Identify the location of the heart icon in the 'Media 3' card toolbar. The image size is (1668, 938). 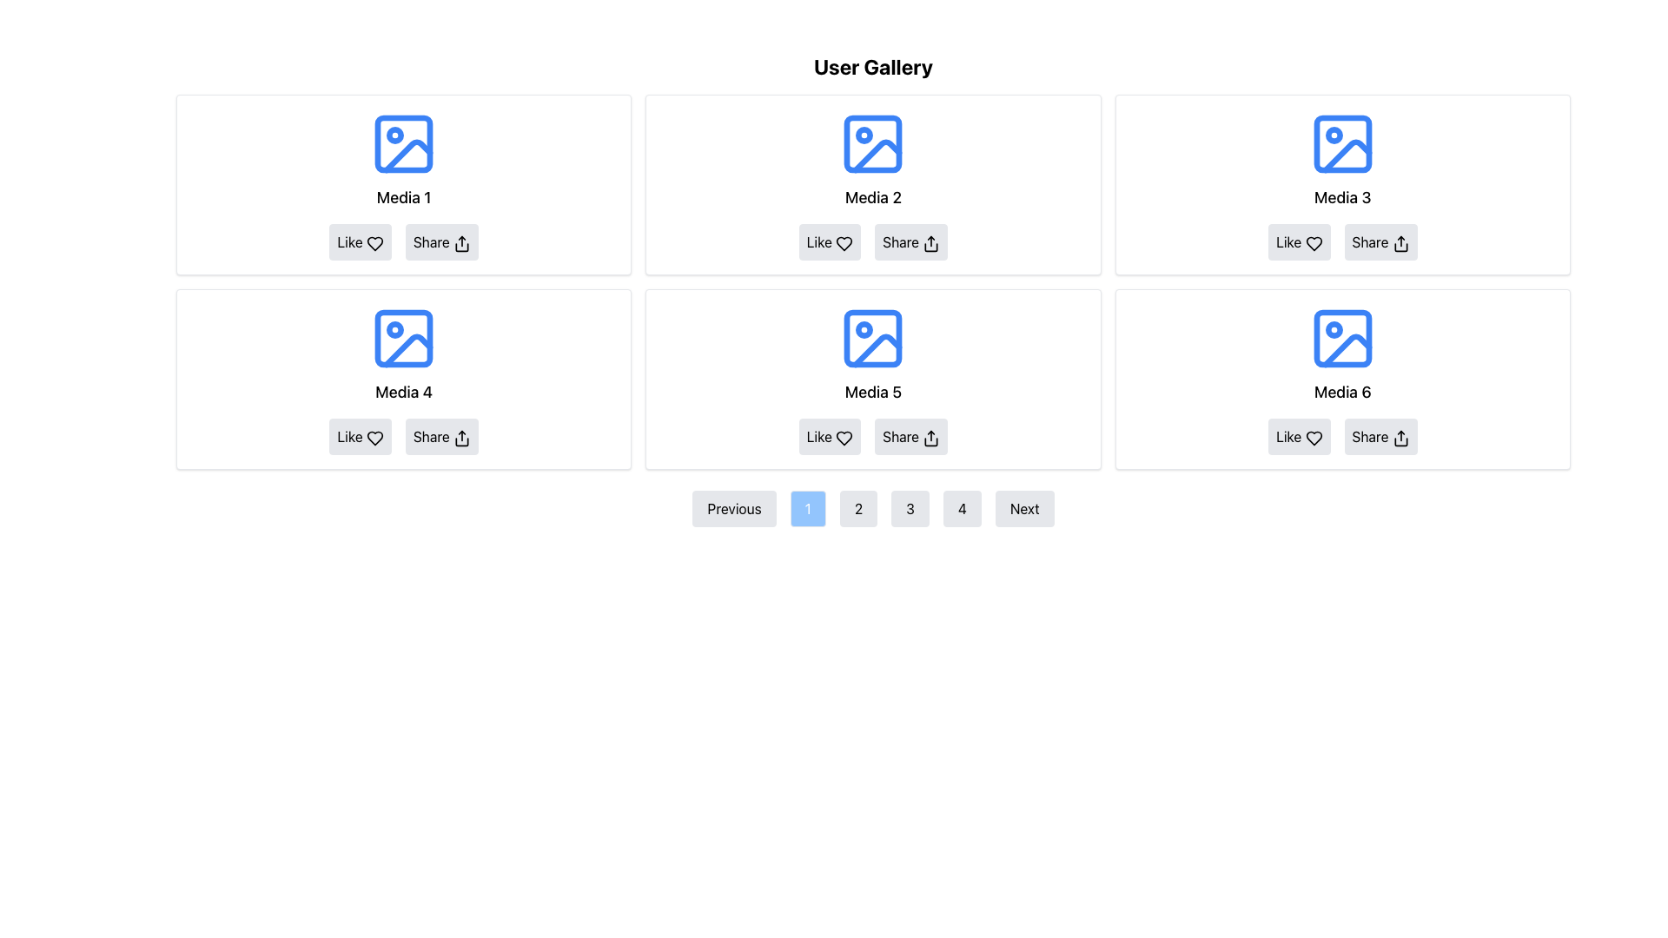
(1314, 243).